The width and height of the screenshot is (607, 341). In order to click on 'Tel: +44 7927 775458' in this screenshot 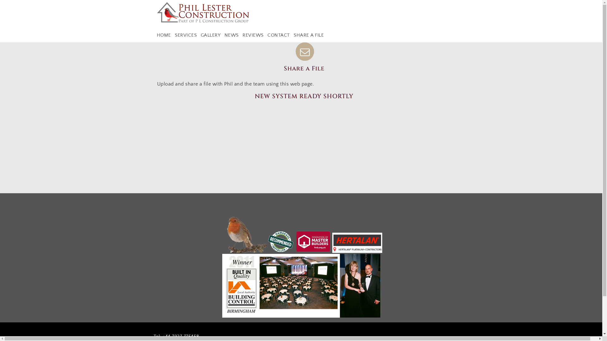, I will do `click(176, 336)`.